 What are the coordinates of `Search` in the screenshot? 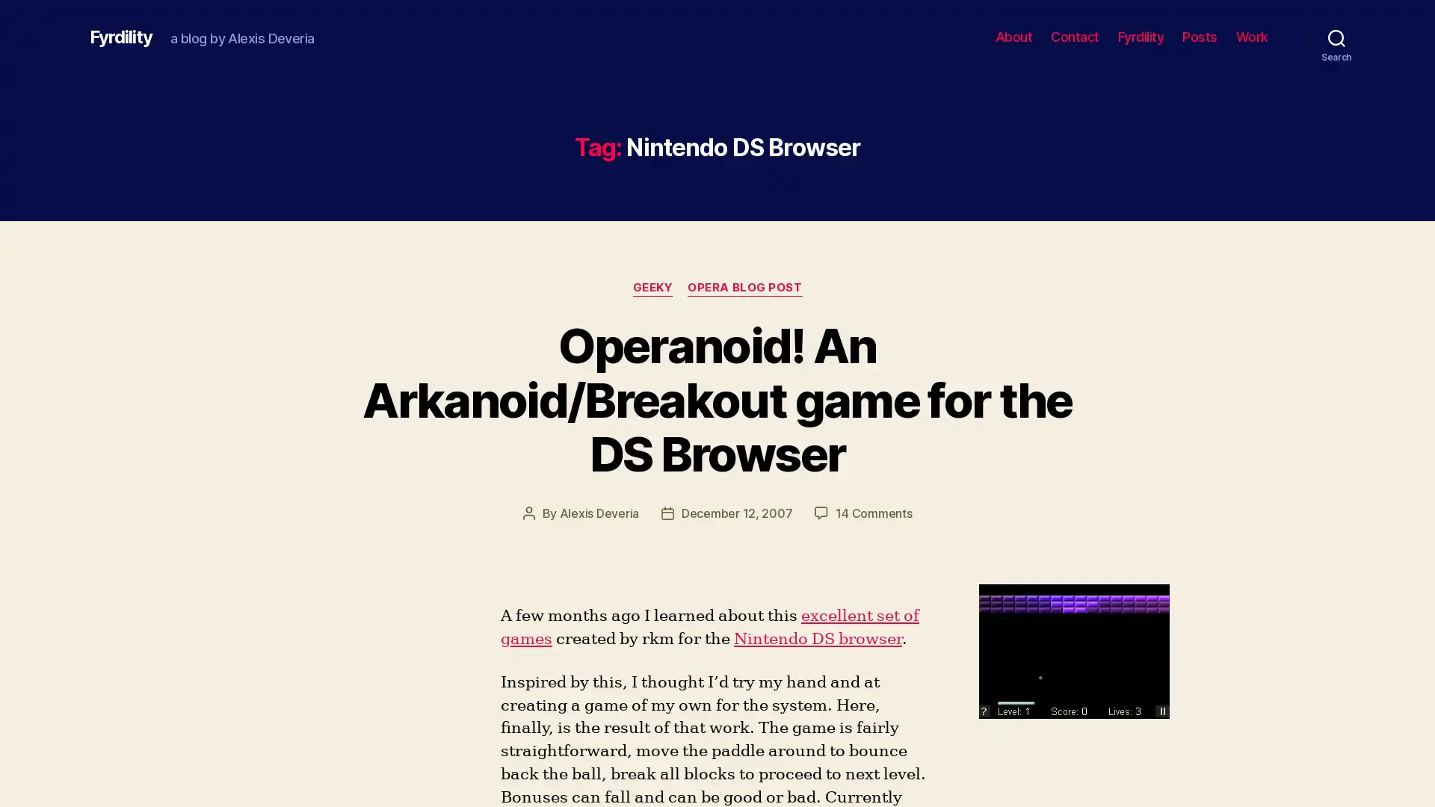 It's located at (1336, 37).